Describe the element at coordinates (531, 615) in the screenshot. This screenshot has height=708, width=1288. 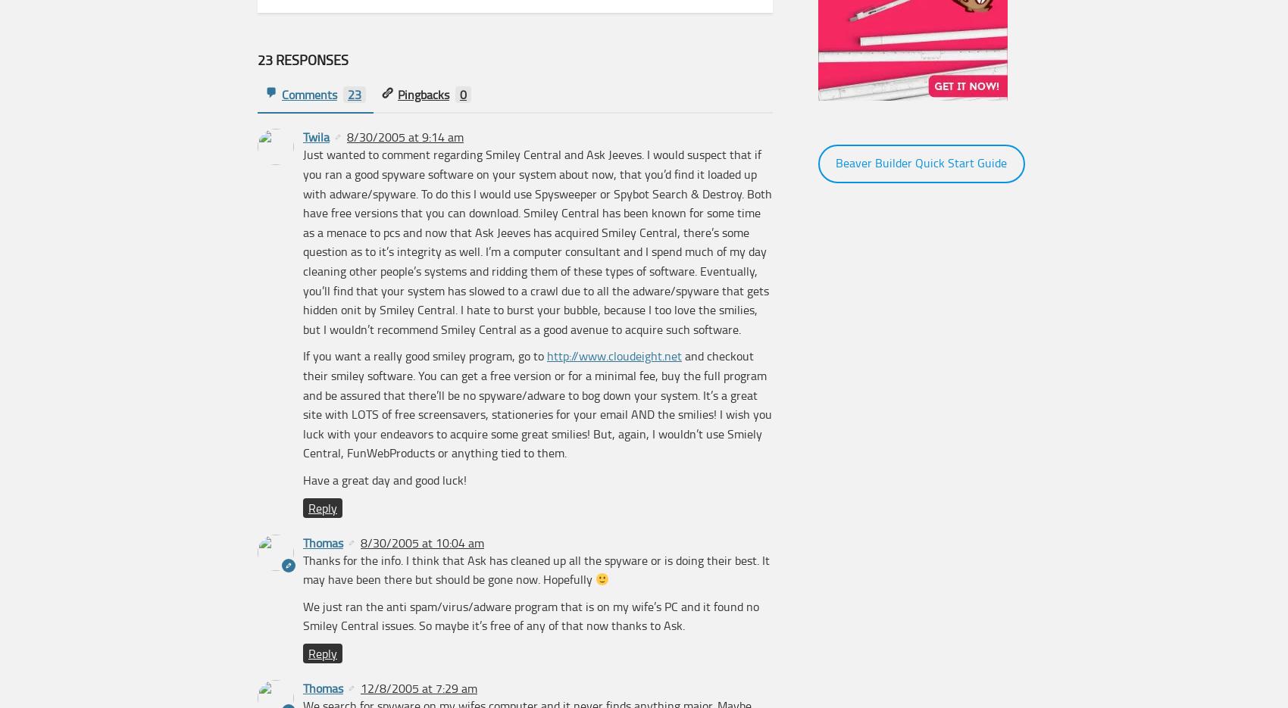
I see `'We just ran the anti spam/virus/adware program that is on my wife’s PC and it found no Smiley Central issues. So maybe it’s free of any of that now thanks to Ask.'` at that location.